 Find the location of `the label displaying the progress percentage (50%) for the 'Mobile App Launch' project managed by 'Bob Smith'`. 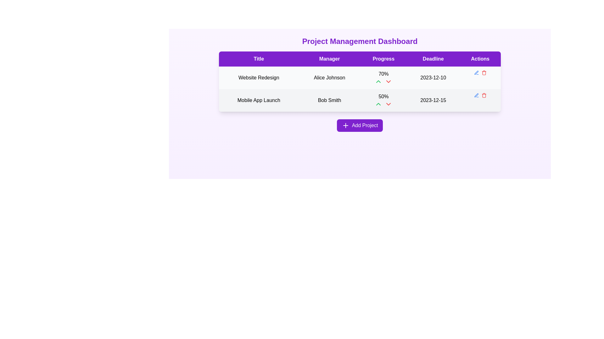

the label displaying the progress percentage (50%) for the 'Mobile App Launch' project managed by 'Bob Smith' is located at coordinates (383, 100).